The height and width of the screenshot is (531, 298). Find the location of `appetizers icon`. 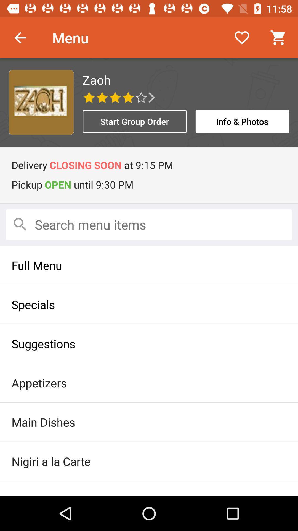

appetizers icon is located at coordinates (149, 382).